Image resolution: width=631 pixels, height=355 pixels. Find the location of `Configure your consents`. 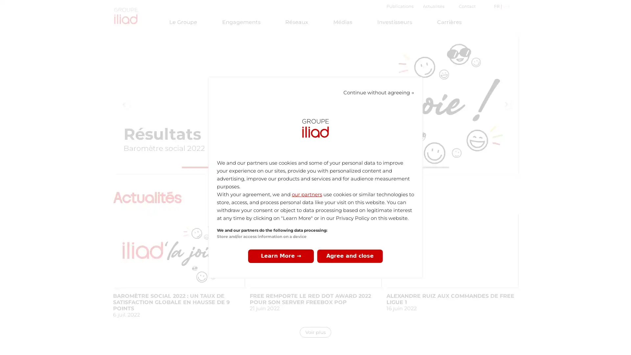

Configure your consents is located at coordinates (281, 256).